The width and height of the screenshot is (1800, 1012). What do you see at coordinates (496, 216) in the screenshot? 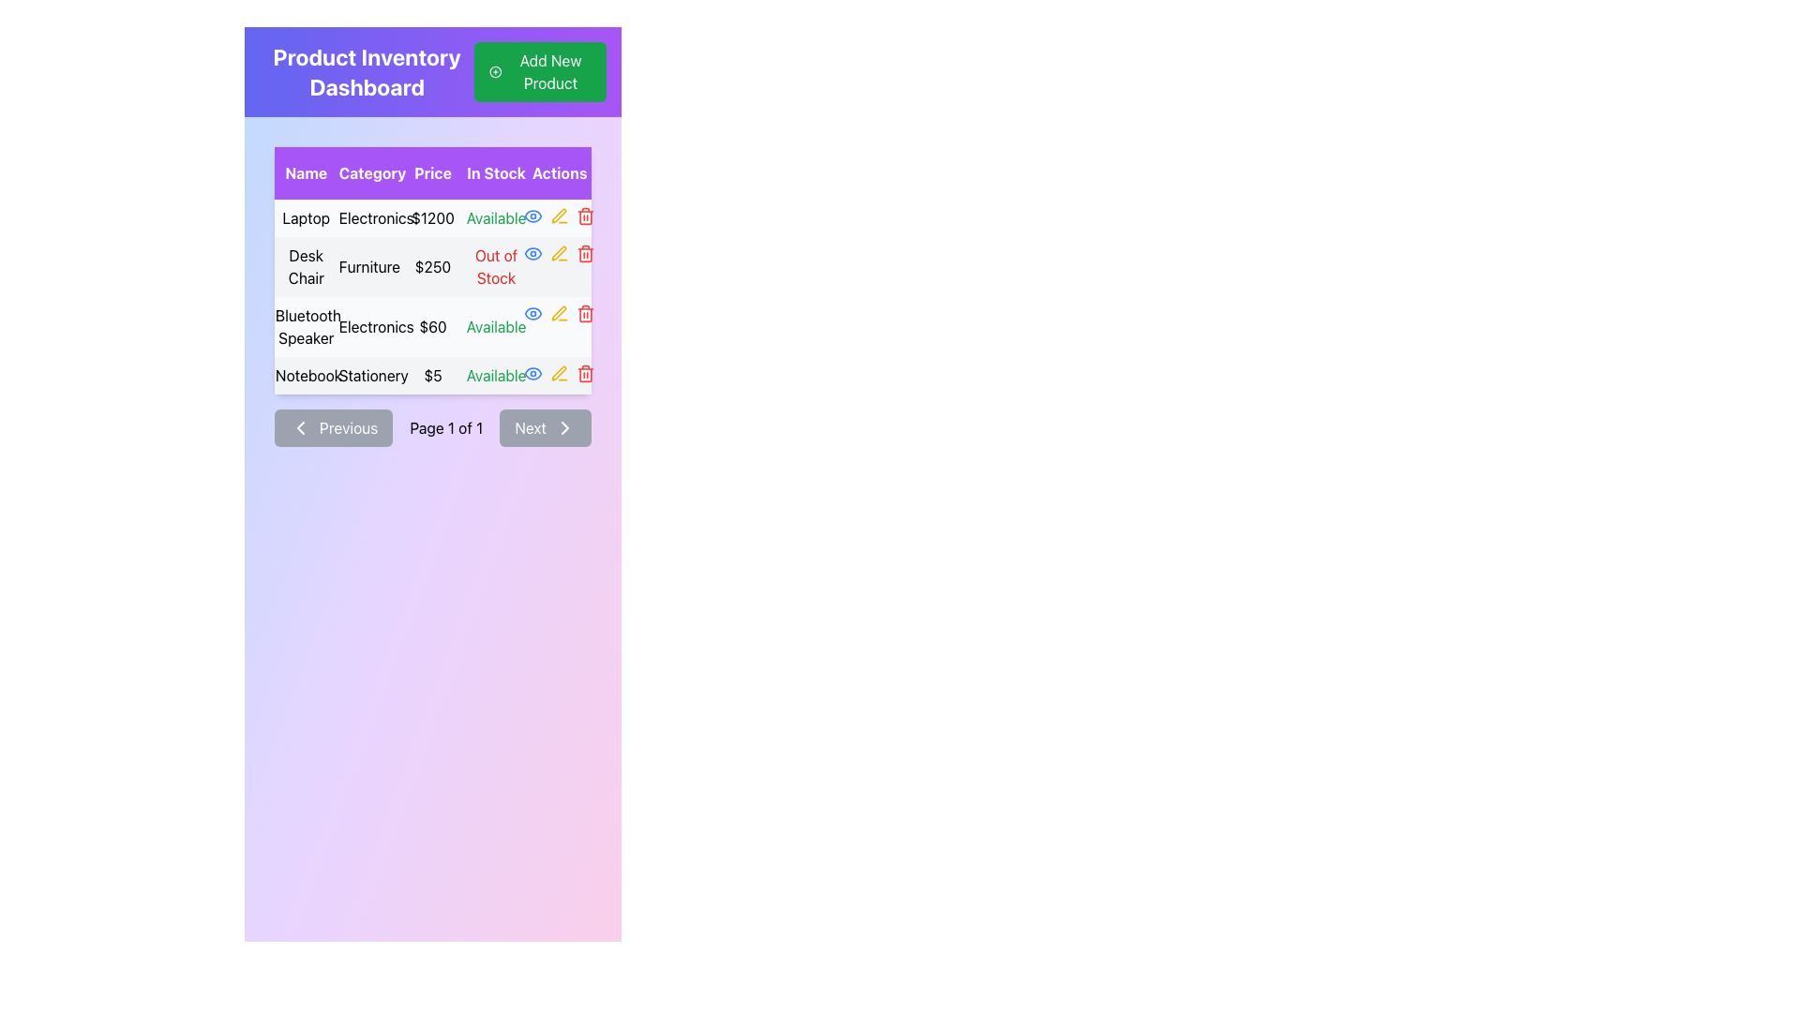
I see `the 'Available' text label in green color located under the 'In Stock' column for the 'Laptop' item in the table` at bounding box center [496, 216].